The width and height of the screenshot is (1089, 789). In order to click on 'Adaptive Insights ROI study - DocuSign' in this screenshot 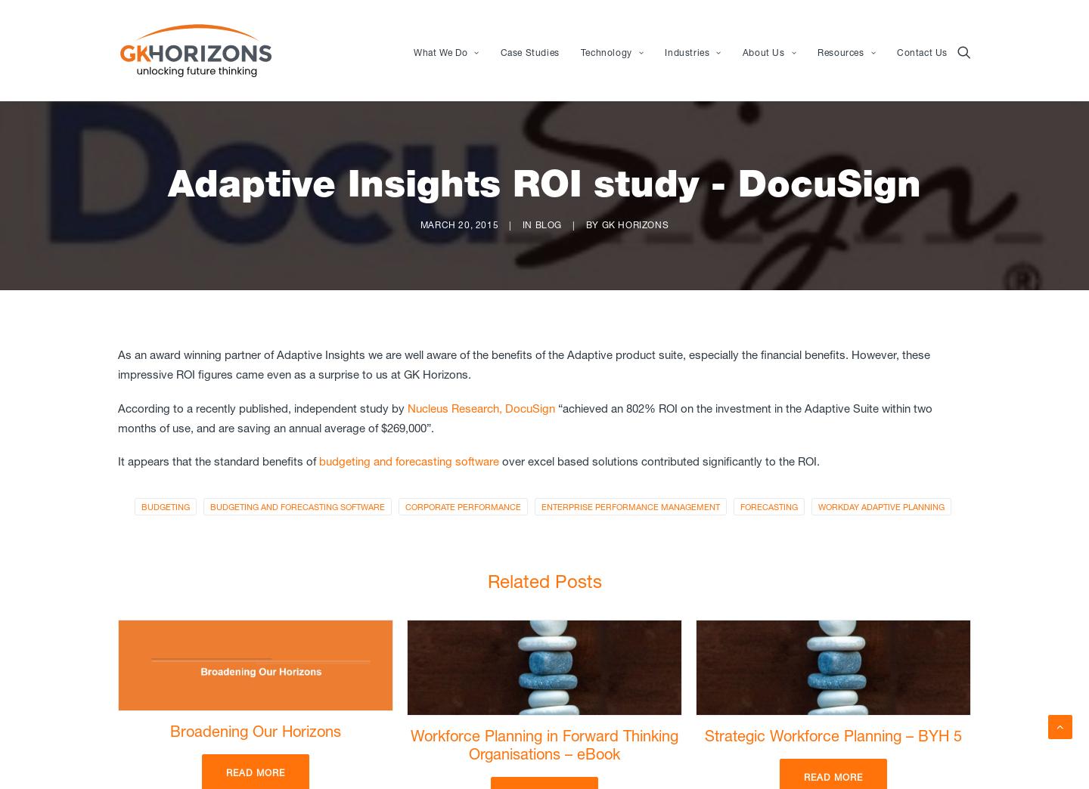, I will do `click(168, 182)`.